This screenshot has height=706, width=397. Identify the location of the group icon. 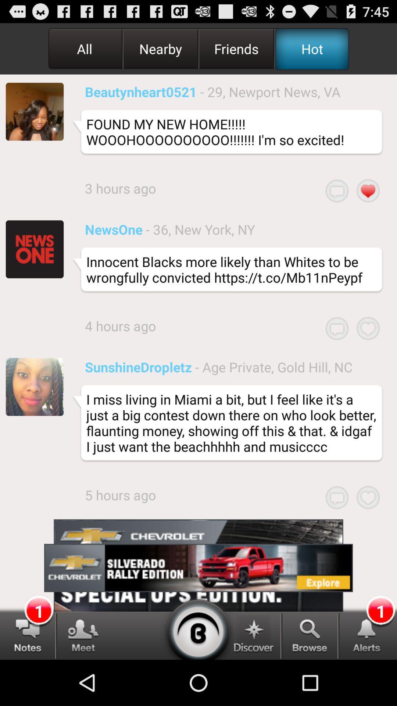
(84, 680).